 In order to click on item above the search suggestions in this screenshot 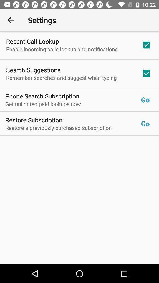, I will do `click(62, 49)`.